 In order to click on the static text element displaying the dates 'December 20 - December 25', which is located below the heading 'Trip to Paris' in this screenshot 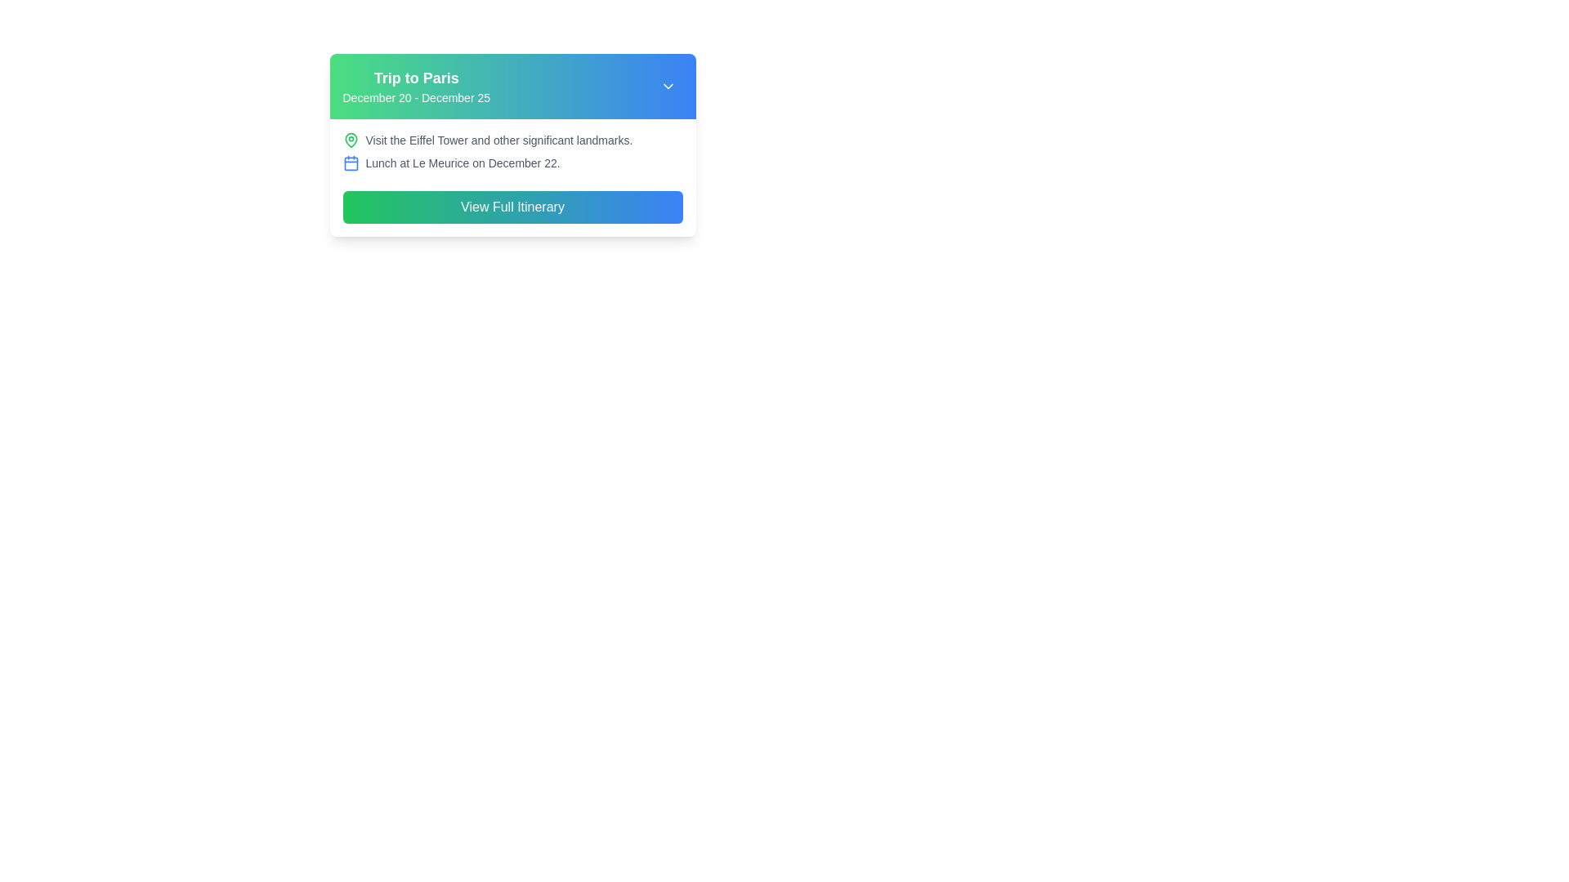, I will do `click(416, 97)`.